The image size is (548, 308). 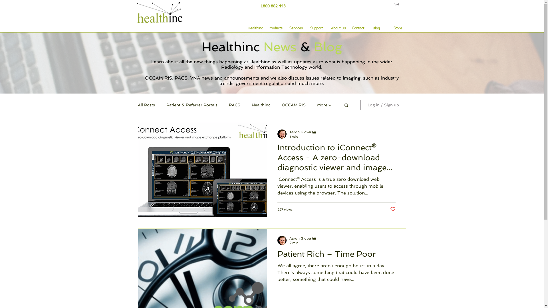 What do you see at coordinates (400, 26) in the screenshot?
I see `'Store'` at bounding box center [400, 26].